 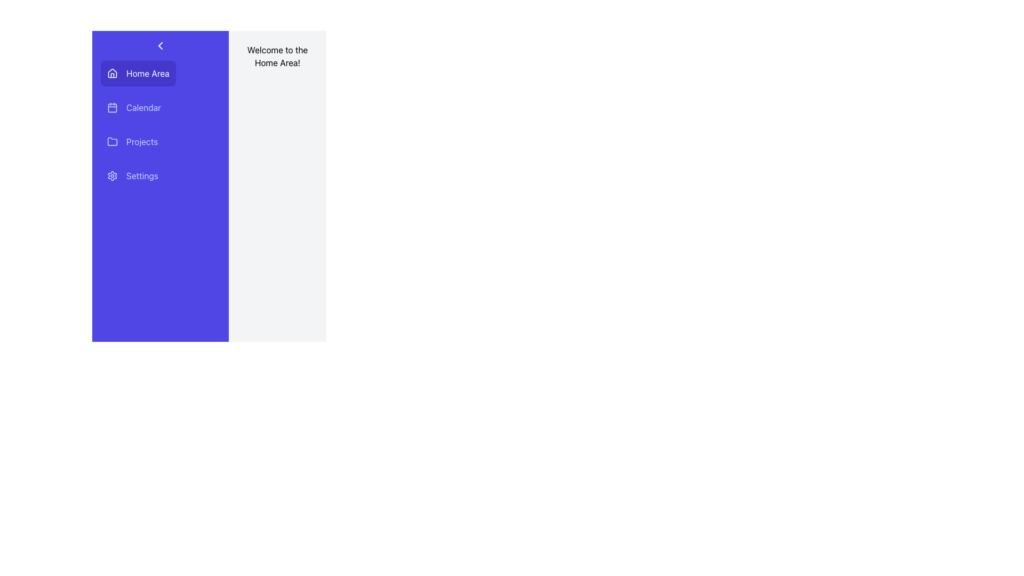 What do you see at coordinates (160, 45) in the screenshot?
I see `the chevron icon button located at the top-left portion of the blue navigation menu, above the text 'Home Area'` at bounding box center [160, 45].